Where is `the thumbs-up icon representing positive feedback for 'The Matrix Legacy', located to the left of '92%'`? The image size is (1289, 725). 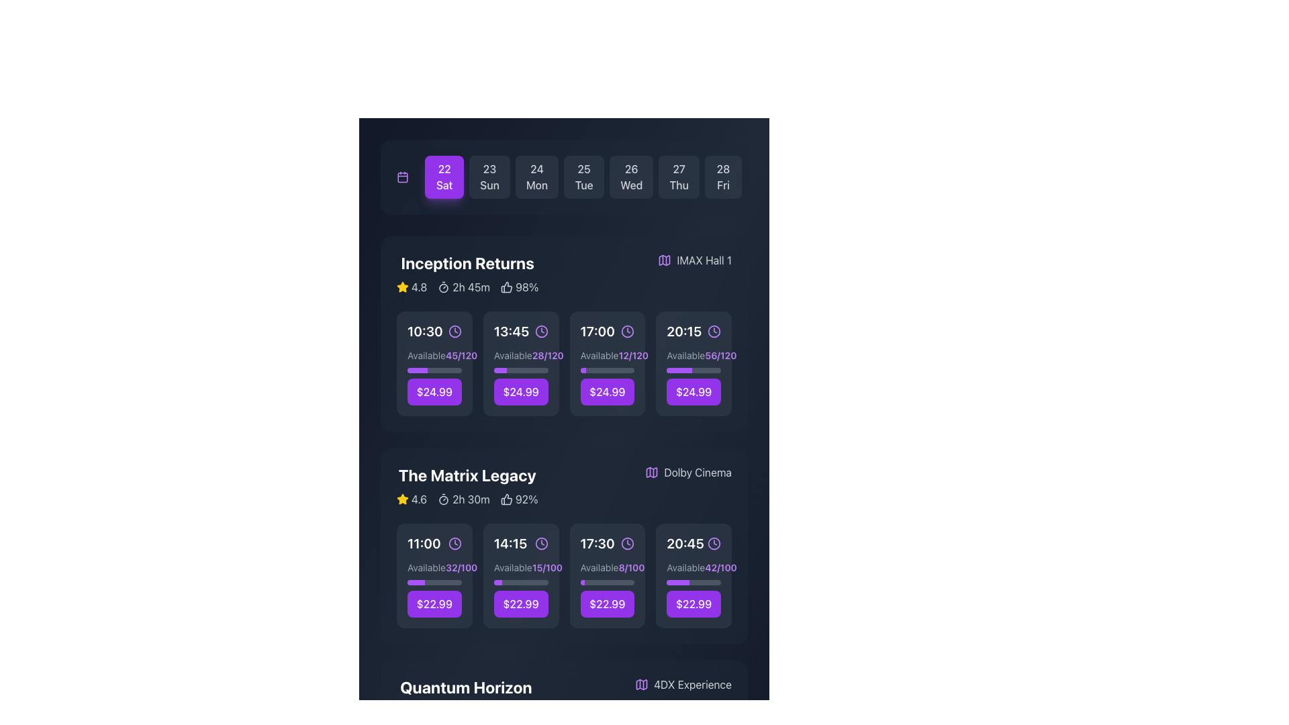
the thumbs-up icon representing positive feedback for 'The Matrix Legacy', located to the left of '92%' is located at coordinates (506, 499).